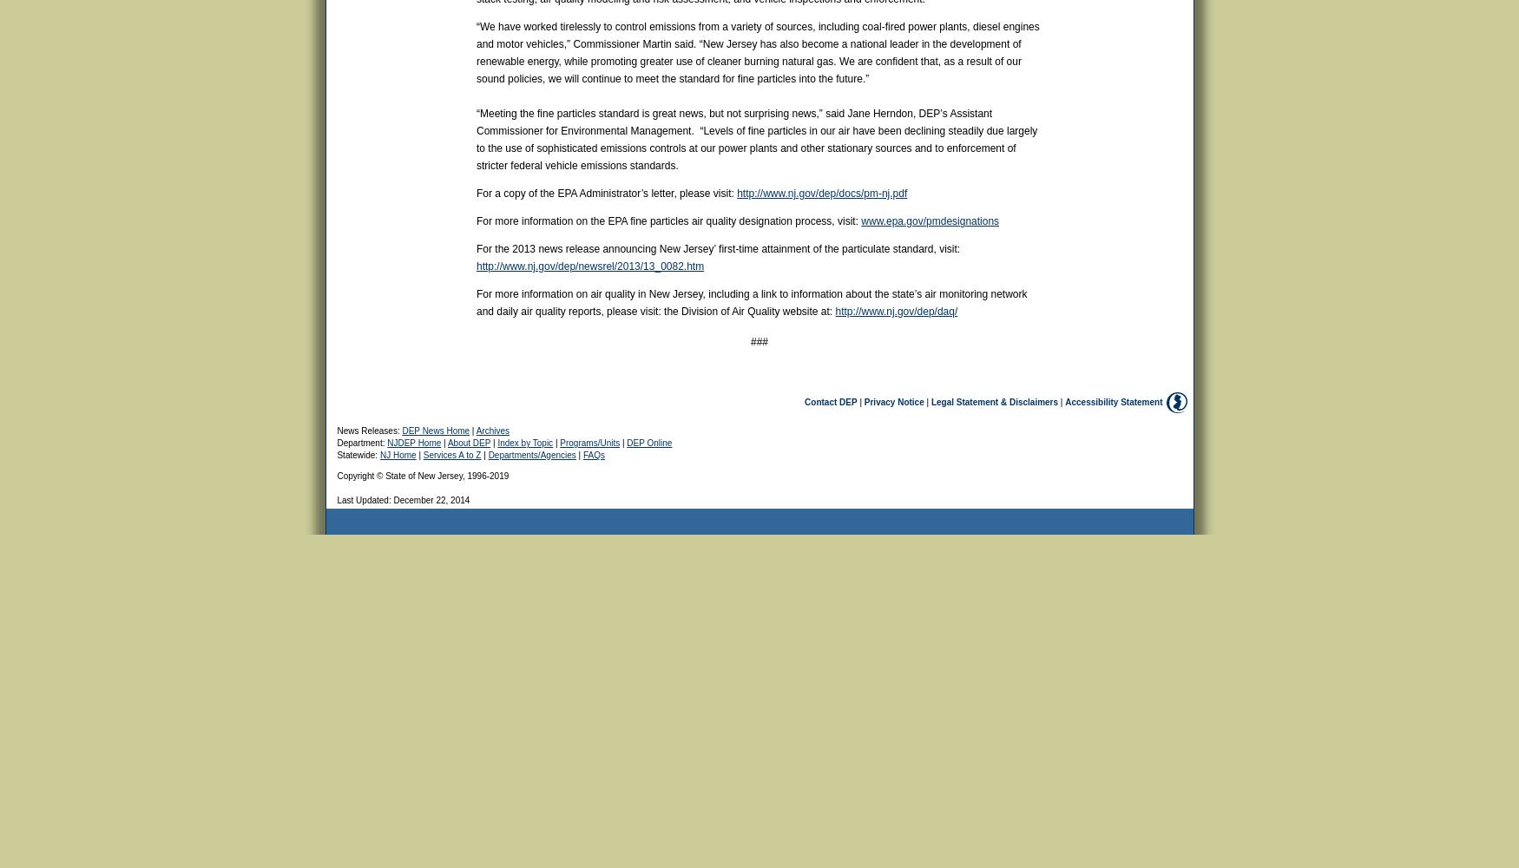 The image size is (1519, 868). Describe the element at coordinates (335, 455) in the screenshot. I see `'Statewide:'` at that location.